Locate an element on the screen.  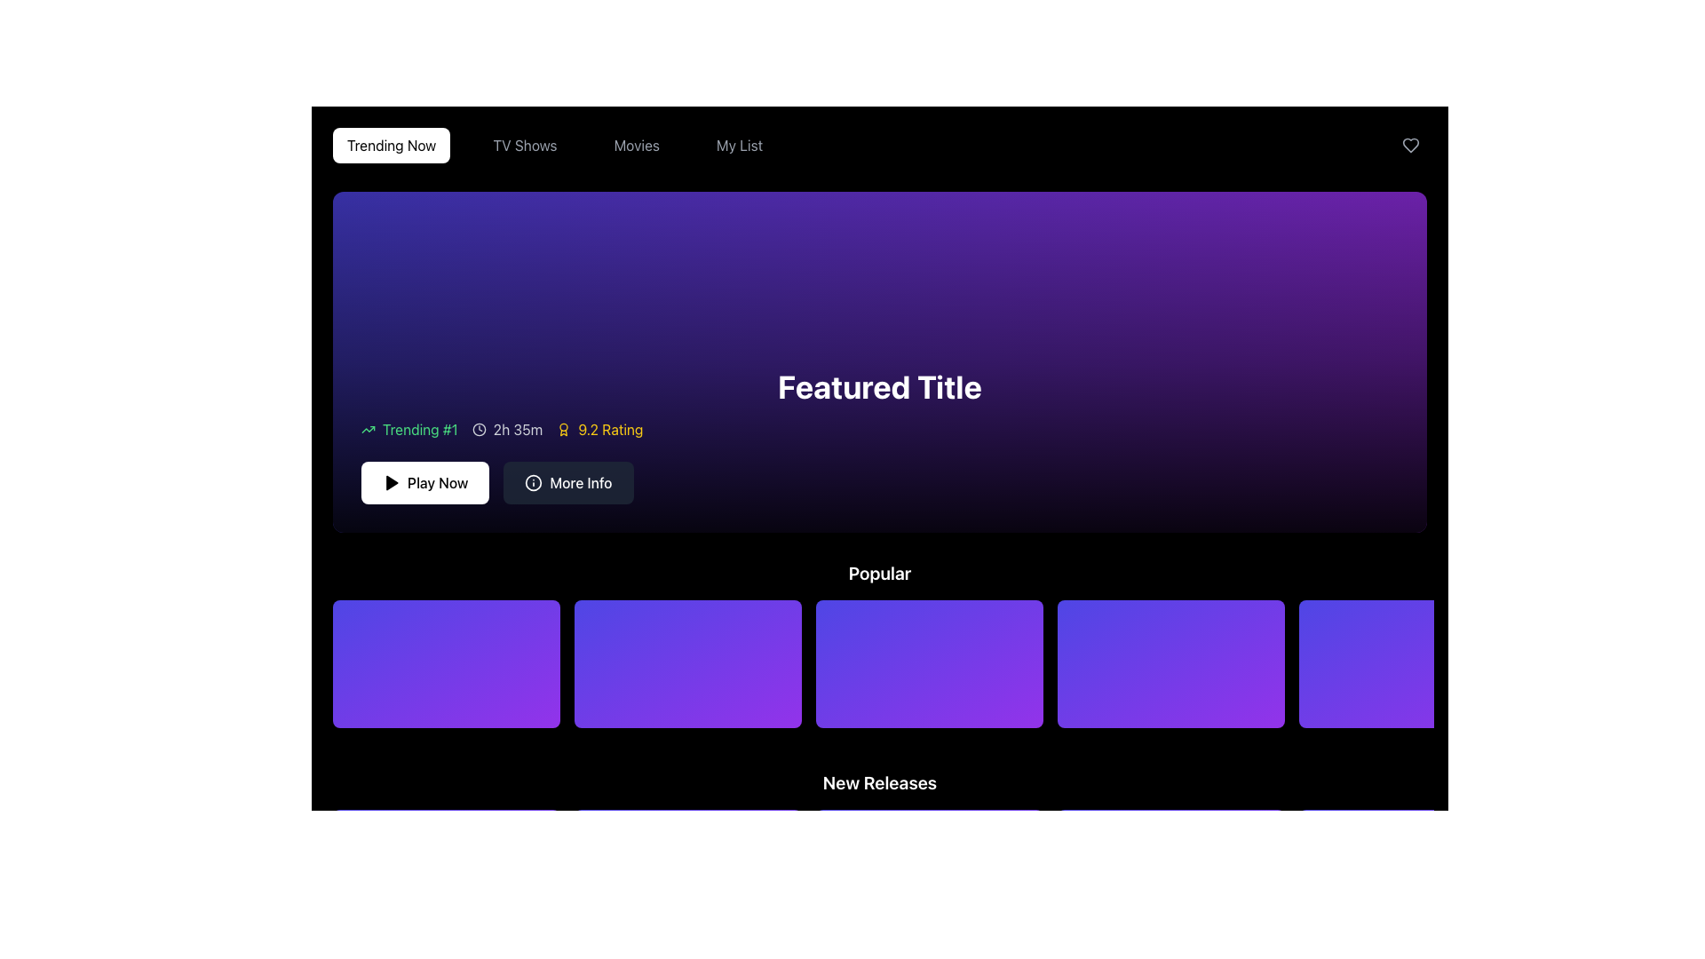
the rating indicator text label located to the right of the small award icon, below the 'Featured Title' heading is located at coordinates (610, 429).